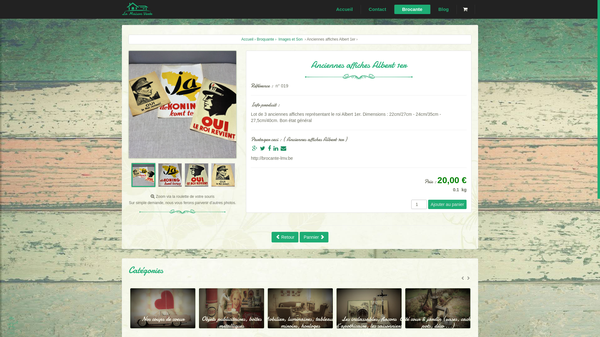 The image size is (600, 337). I want to click on 'Ajouter au panier', so click(447, 204).